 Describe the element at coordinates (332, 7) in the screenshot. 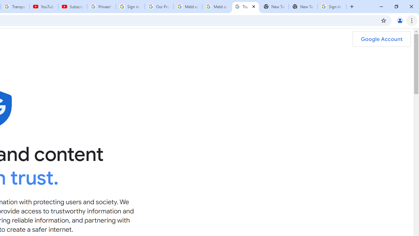

I see `'Sign in - Google Accounts'` at that location.